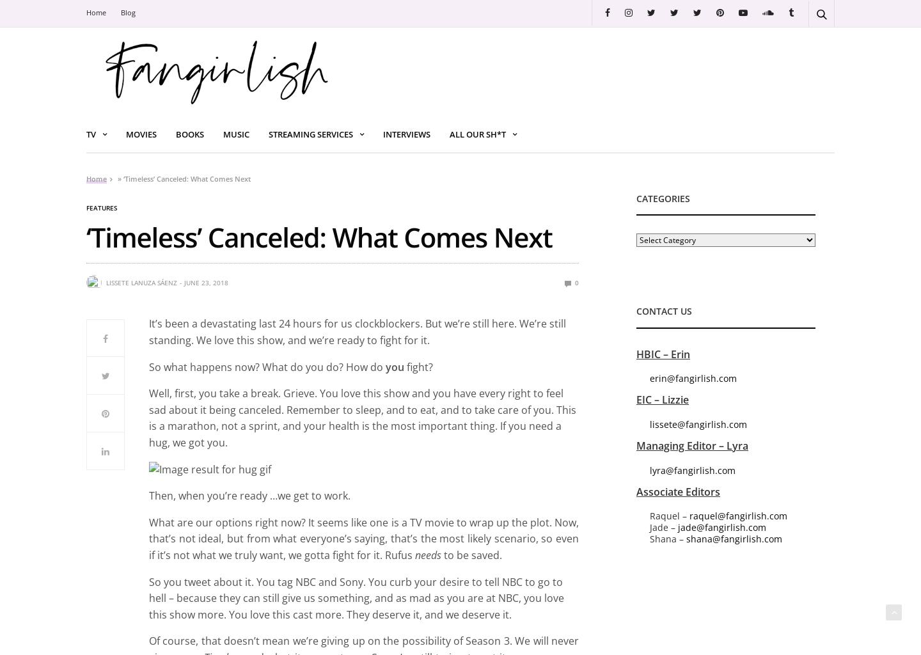 The width and height of the screenshot is (921, 655). Describe the element at coordinates (362, 417) in the screenshot. I see `'Well, first, you take a break. Grieve. You love this show and you have every right to feel sad about it being canceled. Remember to sleep, and to eat, and to take care of you. This is a marathon, not a sprint, and your health is the most important thing. If you need a hug, we got you.'` at that location.